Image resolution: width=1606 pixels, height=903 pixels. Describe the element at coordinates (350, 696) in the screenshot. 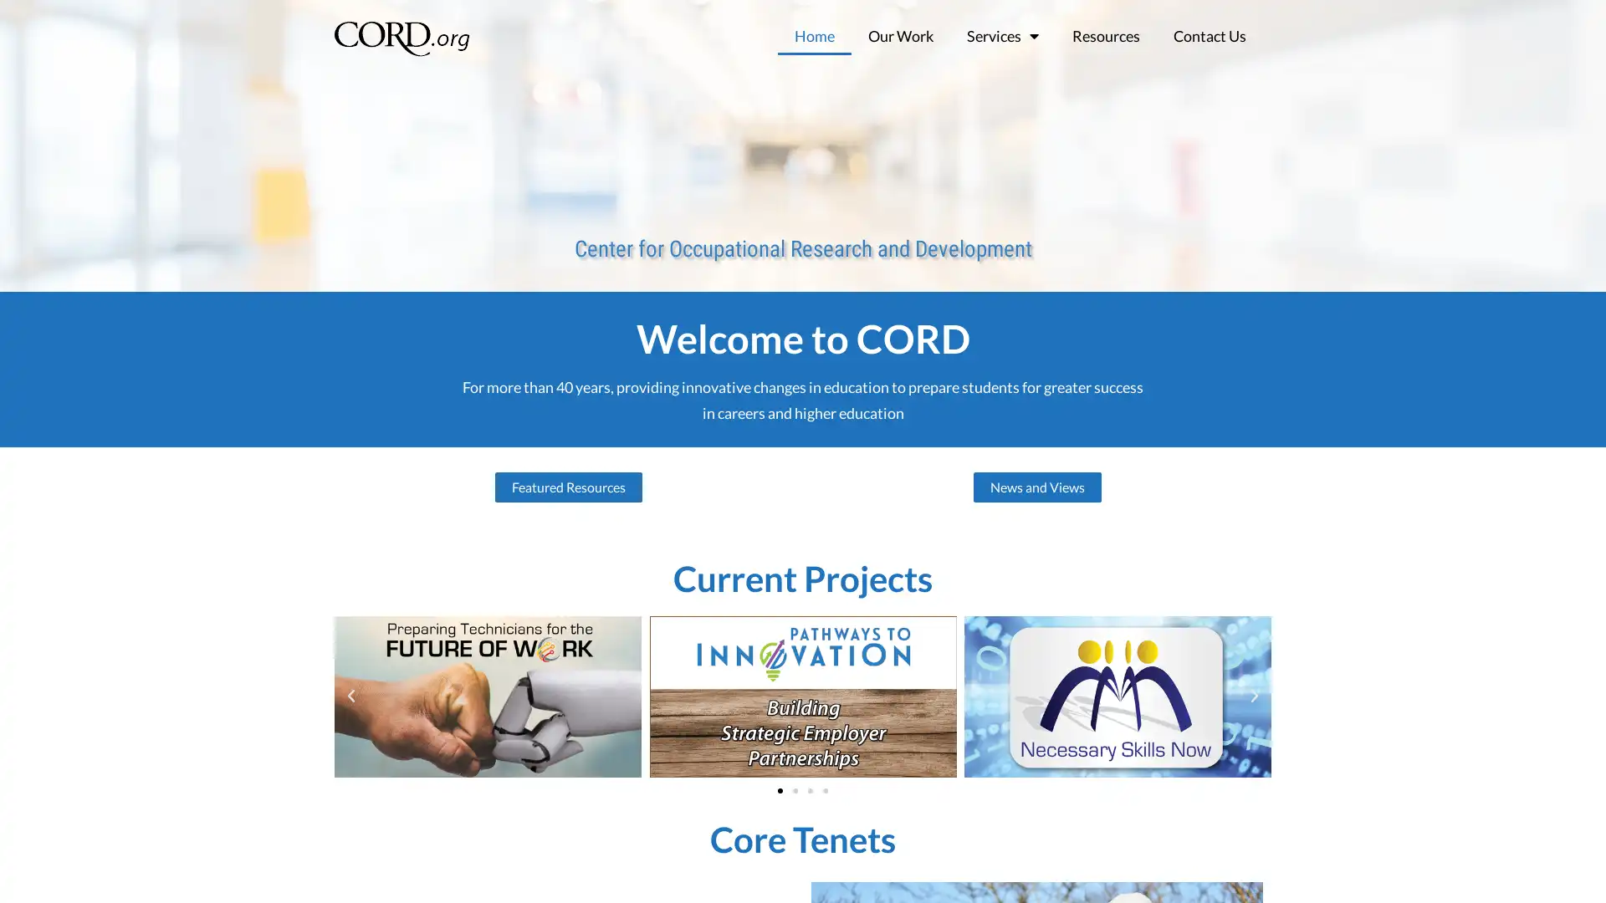

I see `Previous slide` at that location.